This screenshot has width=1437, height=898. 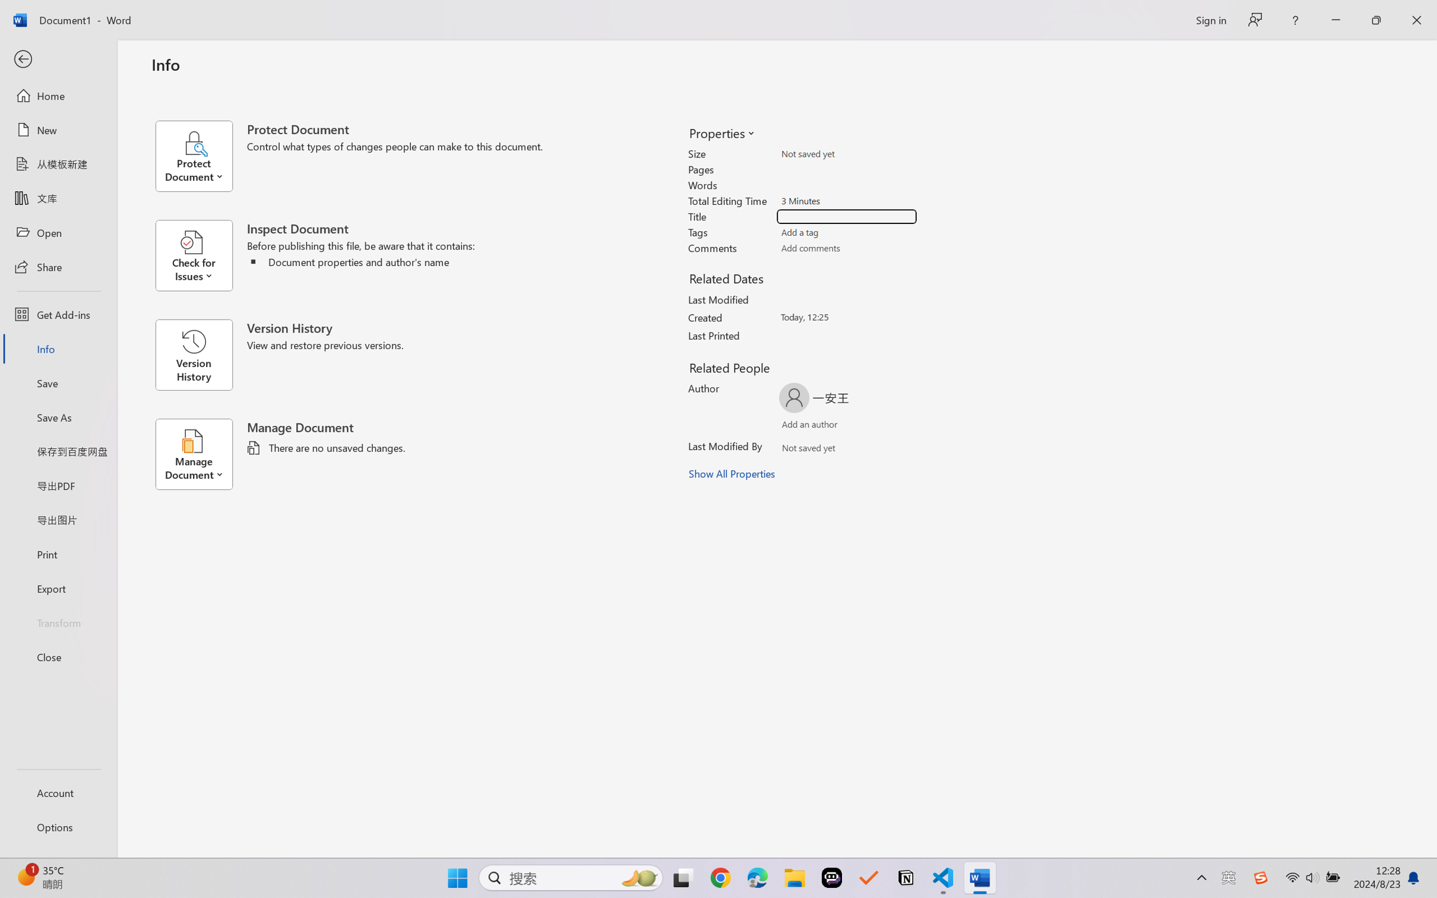 What do you see at coordinates (847, 185) in the screenshot?
I see `'Words'` at bounding box center [847, 185].